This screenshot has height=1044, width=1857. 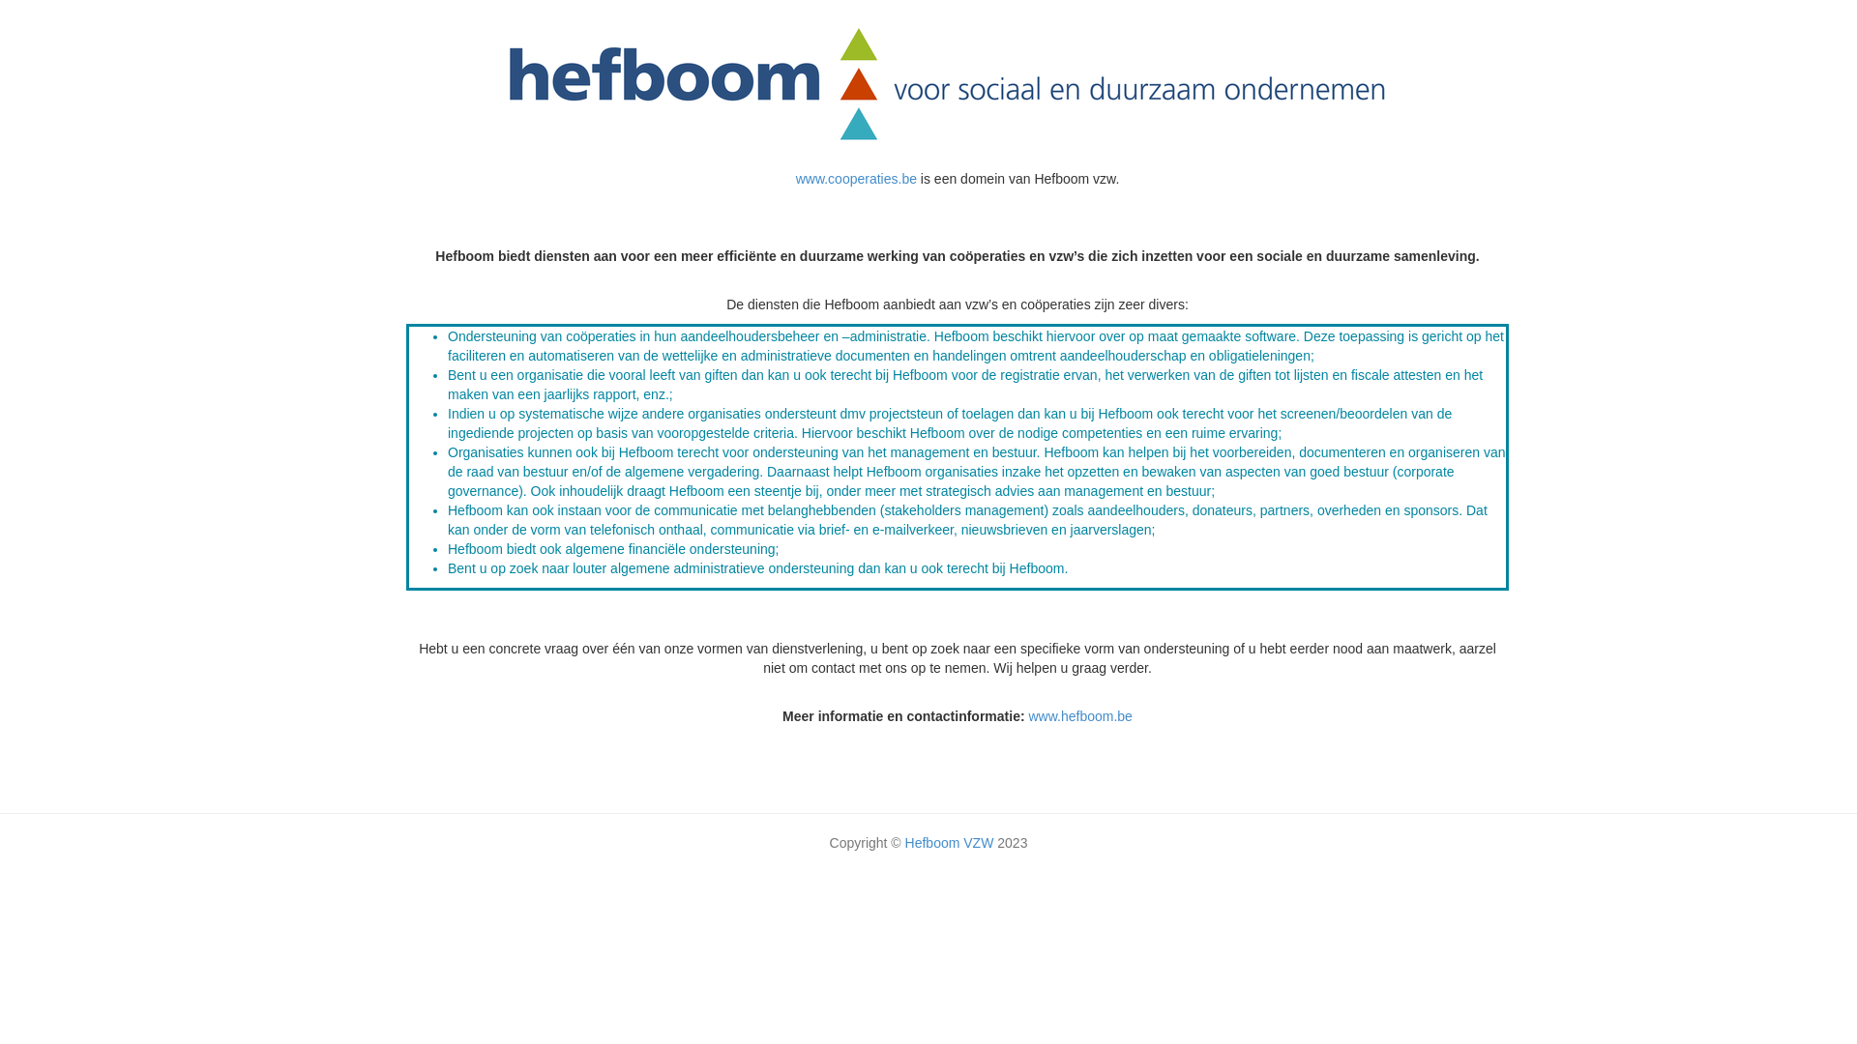 I want to click on 'www.hefboom.be', so click(x=1078, y=715).